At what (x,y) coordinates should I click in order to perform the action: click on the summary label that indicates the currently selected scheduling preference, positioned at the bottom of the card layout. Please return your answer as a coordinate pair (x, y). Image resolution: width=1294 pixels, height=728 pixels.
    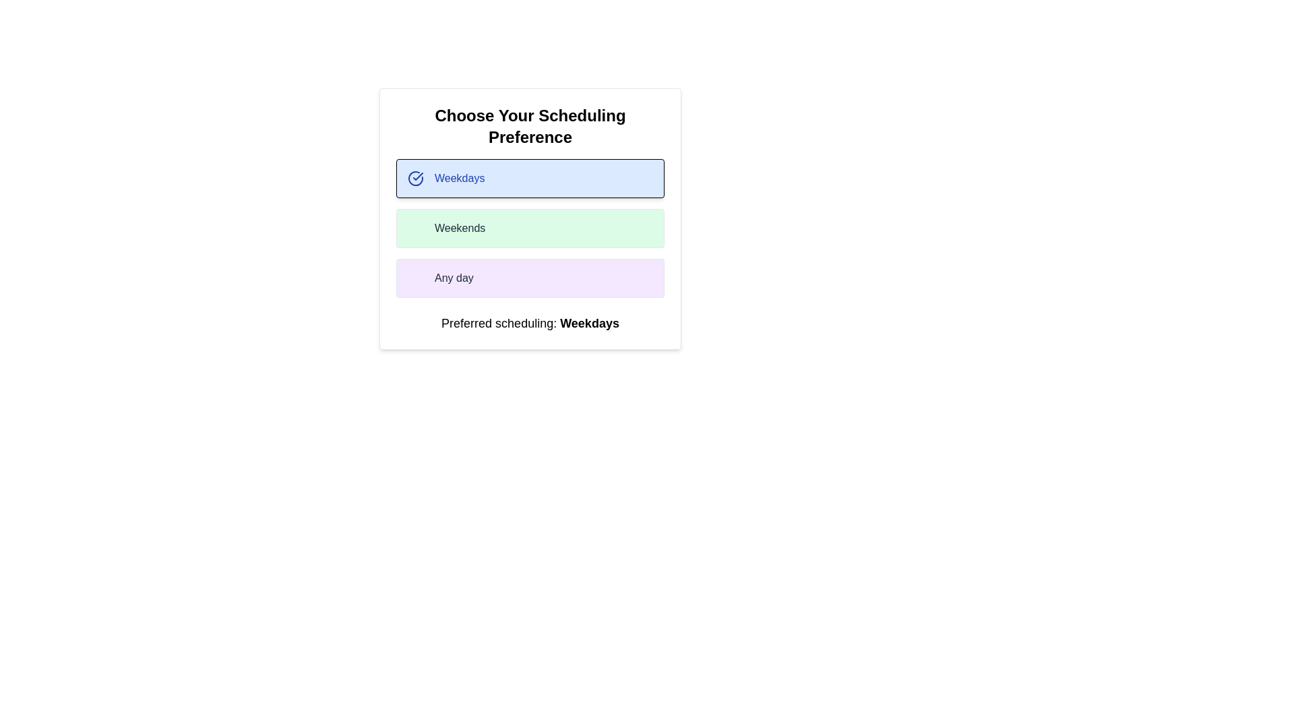
    Looking at the image, I should click on (530, 323).